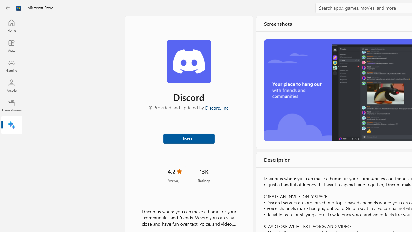 This screenshot has width=412, height=232. What do you see at coordinates (11, 85) in the screenshot?
I see `'Arcade'` at bounding box center [11, 85].